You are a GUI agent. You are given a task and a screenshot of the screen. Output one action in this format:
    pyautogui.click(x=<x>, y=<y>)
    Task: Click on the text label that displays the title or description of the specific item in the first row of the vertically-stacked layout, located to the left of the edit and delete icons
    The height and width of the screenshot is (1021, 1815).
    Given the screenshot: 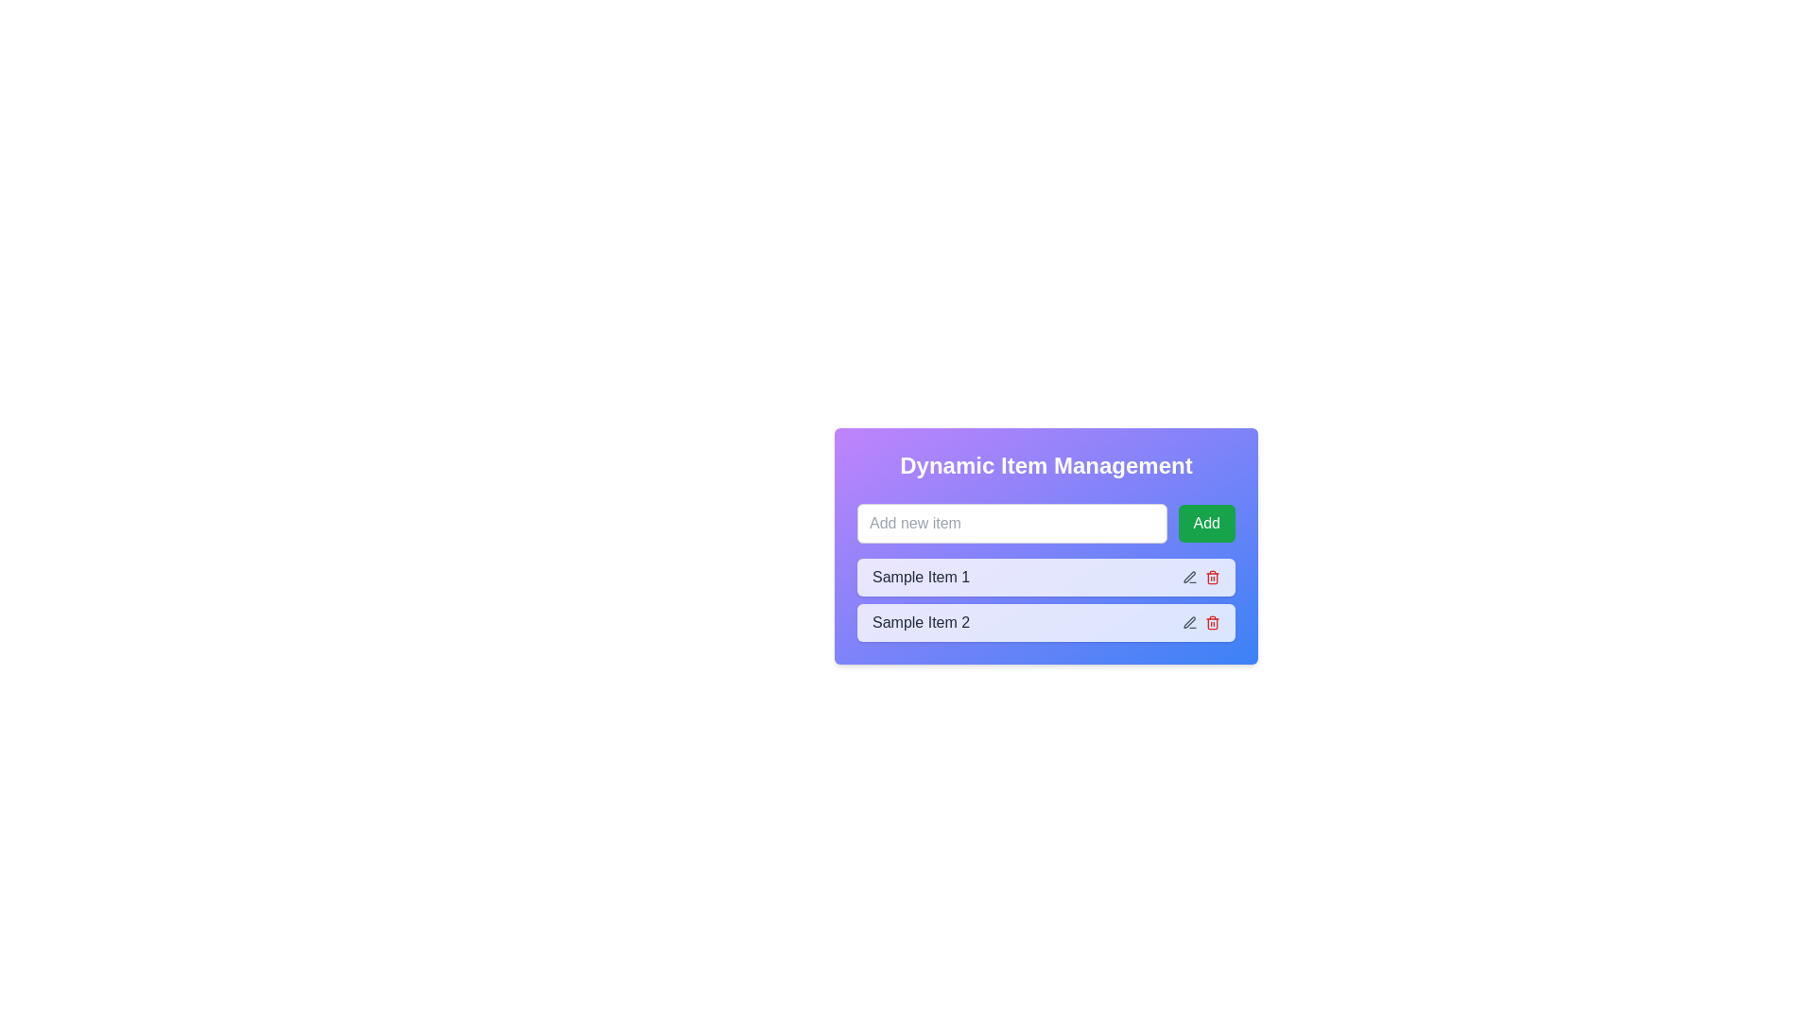 What is the action you would take?
    pyautogui.click(x=921, y=576)
    